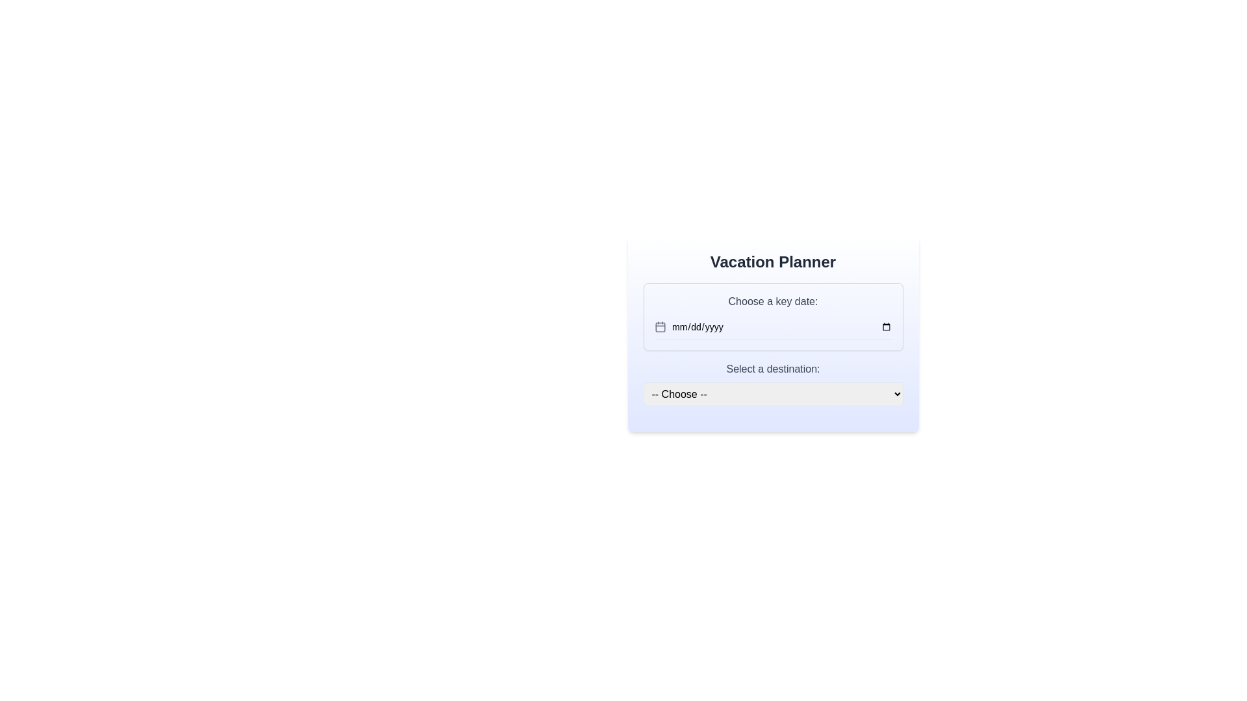  What do you see at coordinates (660, 326) in the screenshot?
I see `the main rectangular area of the calendar icon, which is located to the left of the 'mm/dd/yyyy' input field in the 'Choose a key date:' section of the 'Vacation Planner' card` at bounding box center [660, 326].